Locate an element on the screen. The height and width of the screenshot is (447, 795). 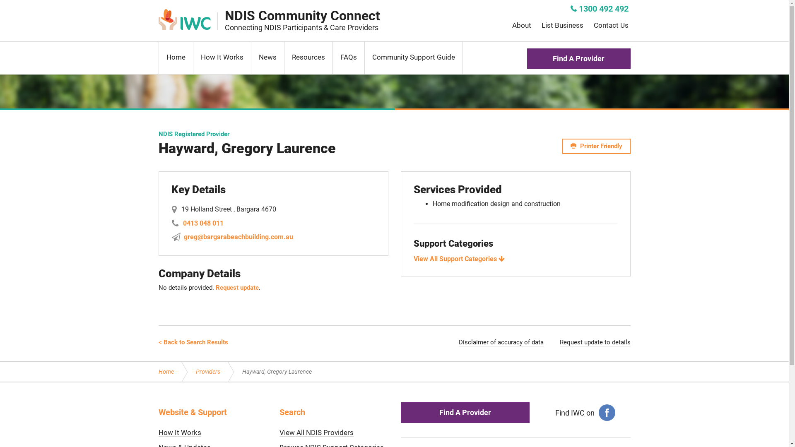
'facebook' is located at coordinates (607, 412).